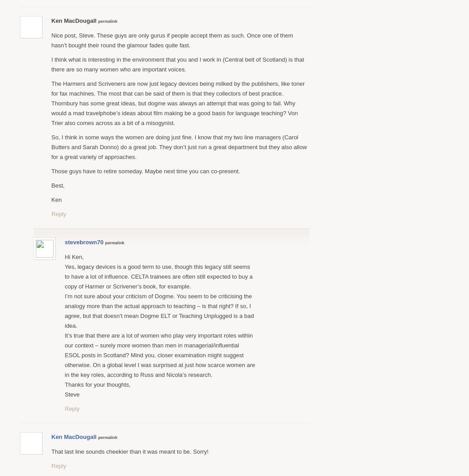 This screenshot has height=476, width=469. Describe the element at coordinates (159, 354) in the screenshot. I see `'It’s true that there are a lot of women who play very important roles within our context – surely more women than men in managerial/influential ESOL posts in Scotland? Mind you, closer examination might suggest otherwise. On a global level I was surprised at just how scarce women are in the key roles, according to Russ and Nicola’s research.'` at that location.